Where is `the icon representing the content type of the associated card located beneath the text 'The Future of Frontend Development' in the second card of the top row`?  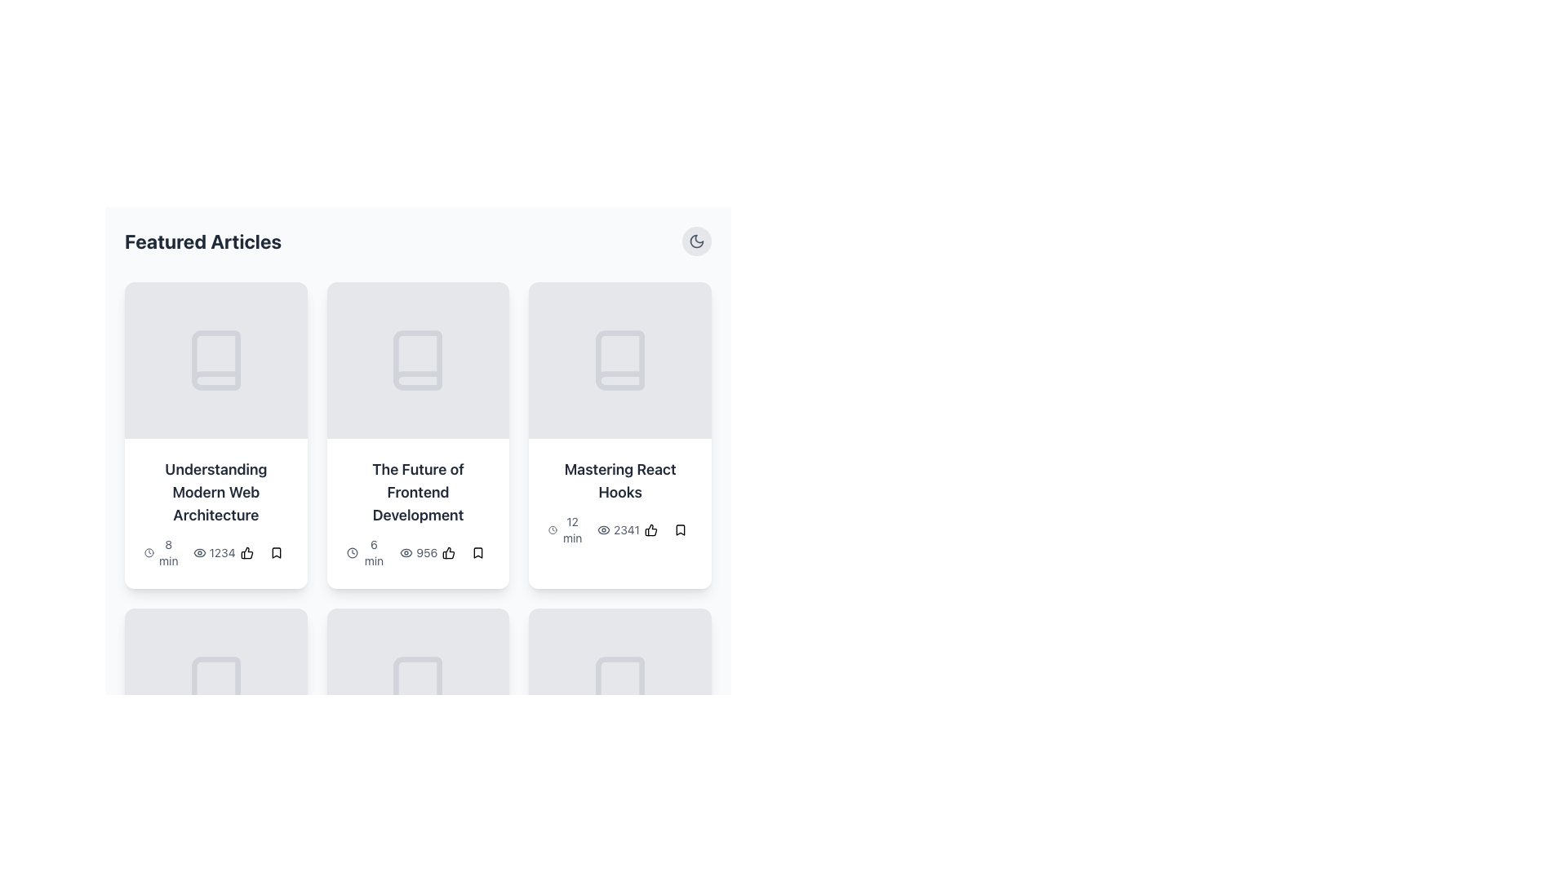
the icon representing the content type of the associated card located beneath the text 'The Future of Frontend Development' in the second card of the top row is located at coordinates (418, 360).